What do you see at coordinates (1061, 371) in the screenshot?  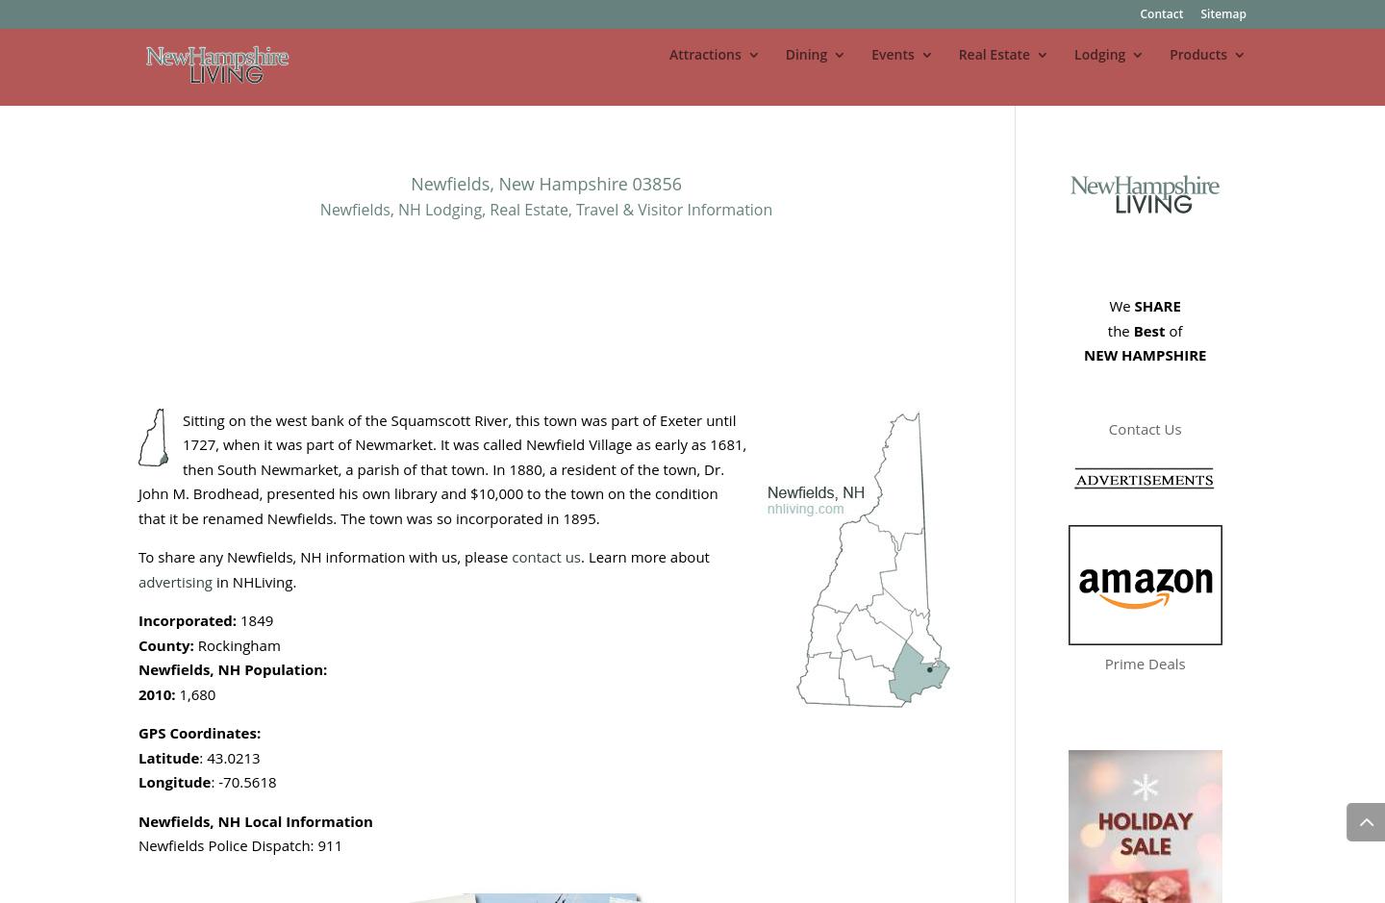 I see `'Real Estate Auctions'` at bounding box center [1061, 371].